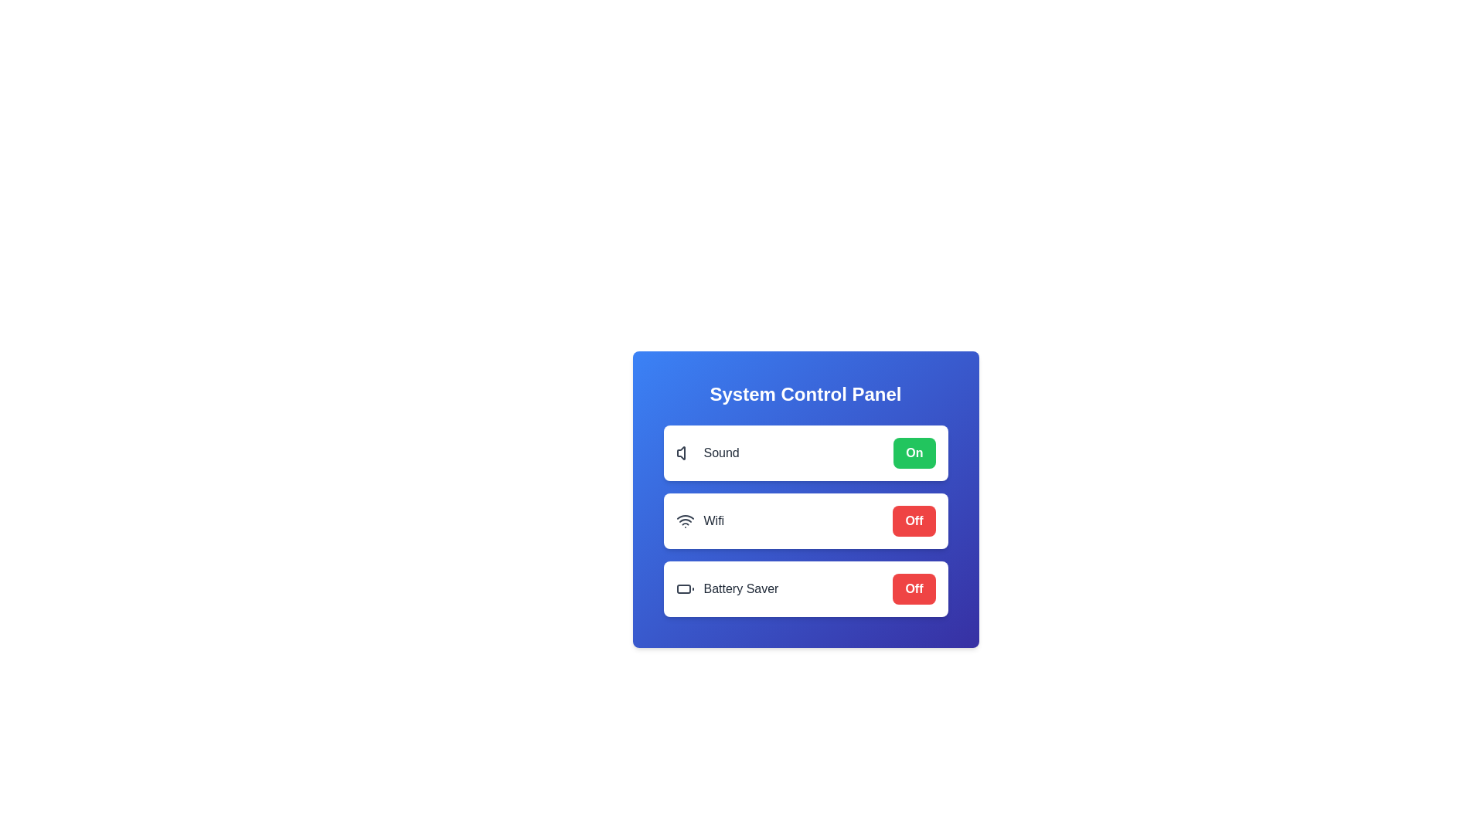  I want to click on the green 'On' button for the 'Sound' setting to toggle its state, so click(914, 452).